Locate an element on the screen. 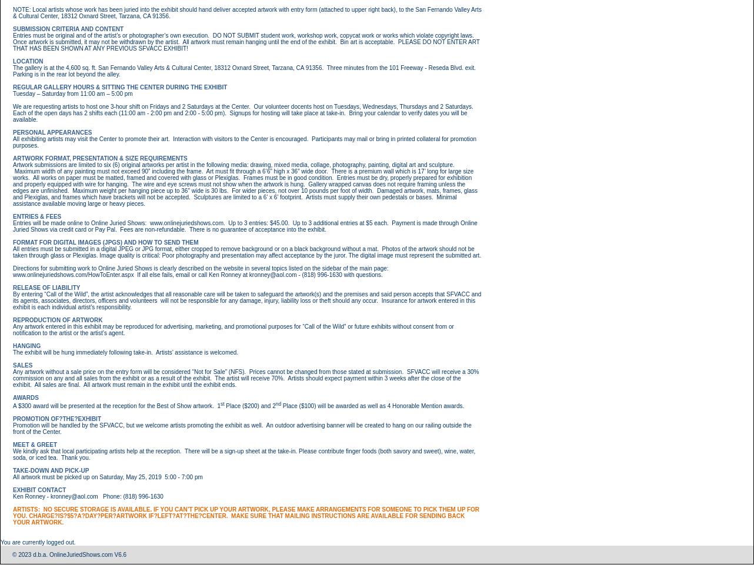 Image resolution: width=754 pixels, height=588 pixels. 'The exhibit will be hung immediately following take-in.' is located at coordinates (13, 351).